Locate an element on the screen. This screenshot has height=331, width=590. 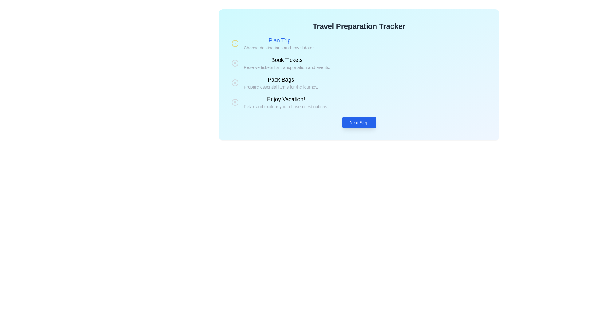
informational text block reminding the user to pack their bags and essential items for the journey, positioned as the third item in the task list is located at coordinates (281, 83).